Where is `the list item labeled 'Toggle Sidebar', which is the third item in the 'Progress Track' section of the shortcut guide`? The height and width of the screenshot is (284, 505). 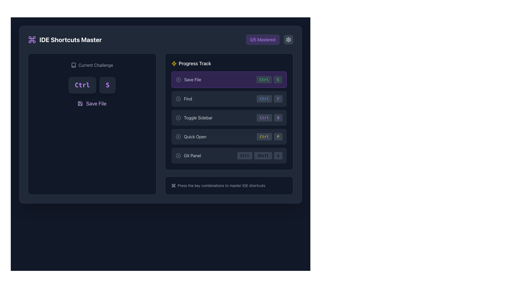
the list item labeled 'Toggle Sidebar', which is the third item in the 'Progress Track' section of the shortcut guide is located at coordinates (229, 124).